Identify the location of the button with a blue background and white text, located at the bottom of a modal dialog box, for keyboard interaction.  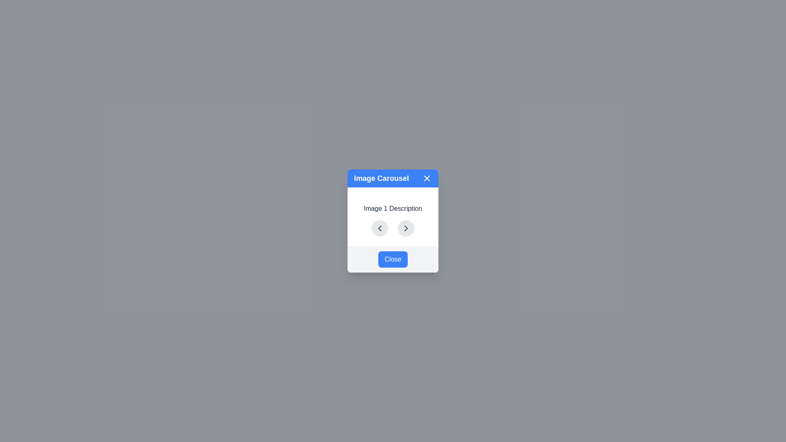
(393, 259).